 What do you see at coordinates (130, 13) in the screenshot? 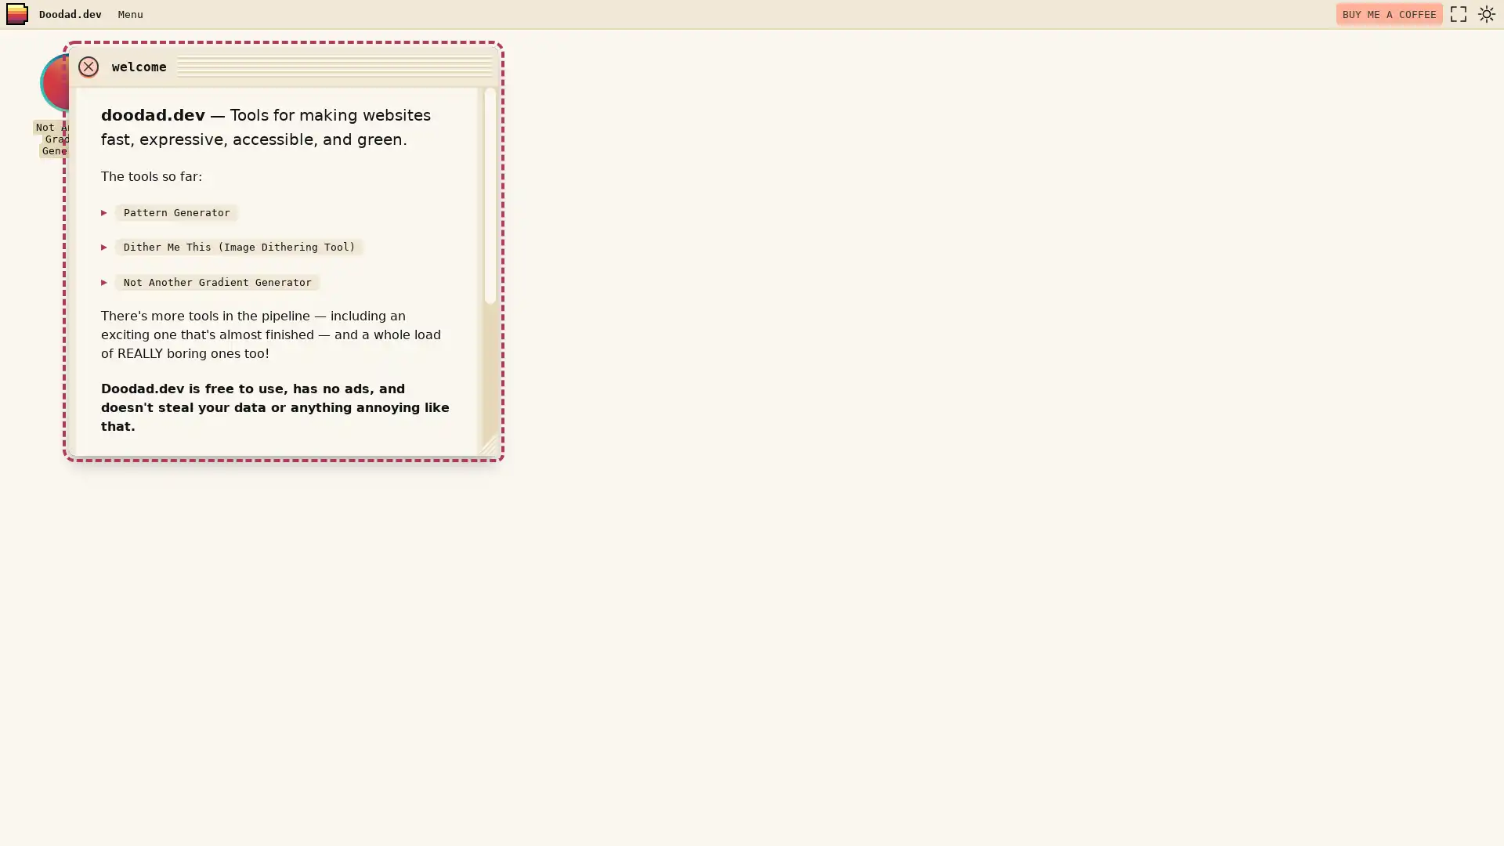
I see `Menu` at bounding box center [130, 13].